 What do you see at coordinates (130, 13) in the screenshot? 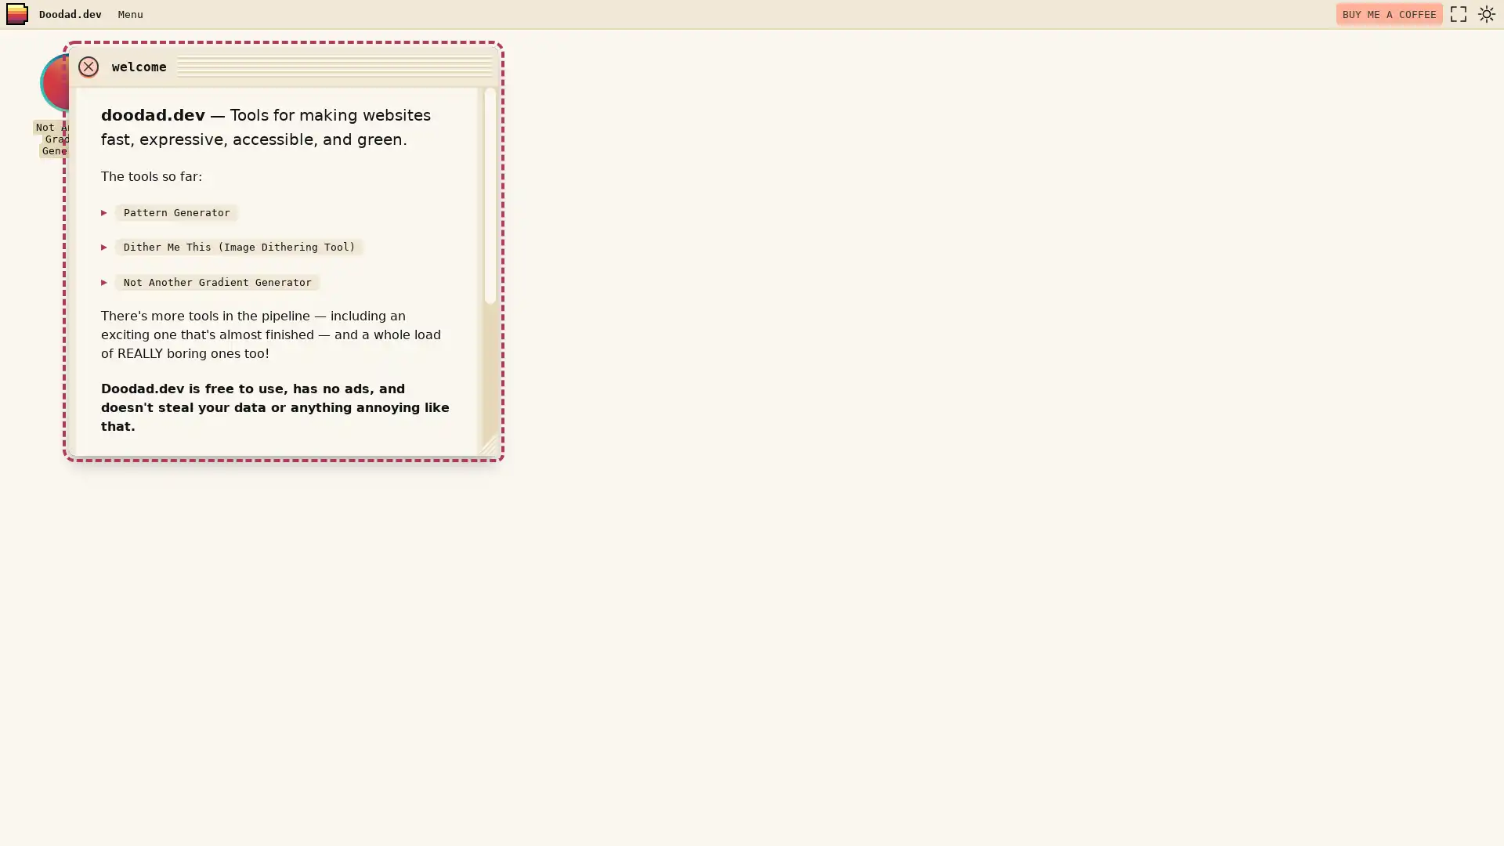
I see `Menu` at bounding box center [130, 13].